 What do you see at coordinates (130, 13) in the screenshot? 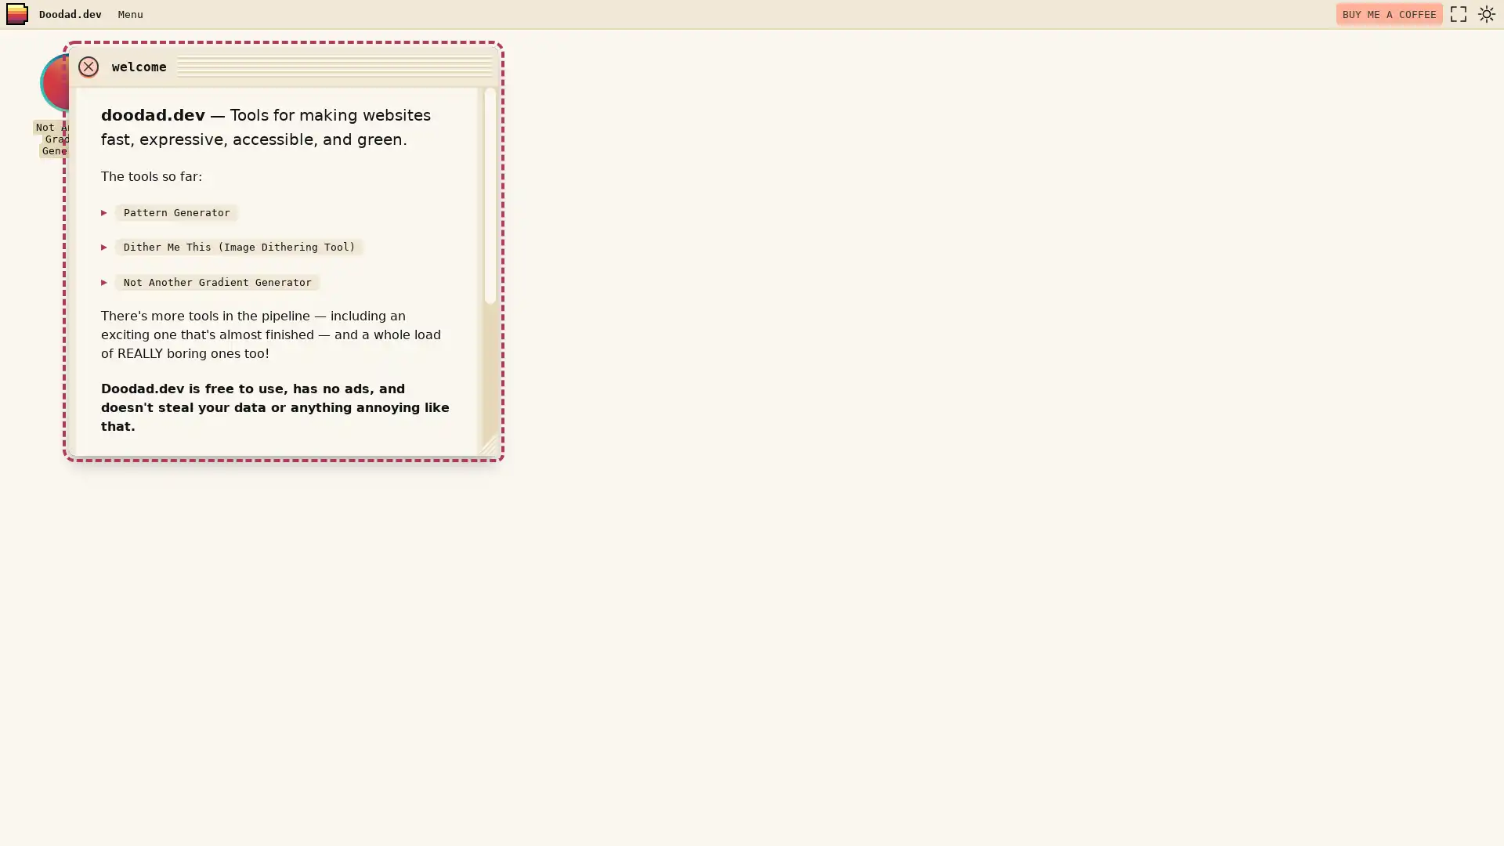
I see `Menu` at bounding box center [130, 13].